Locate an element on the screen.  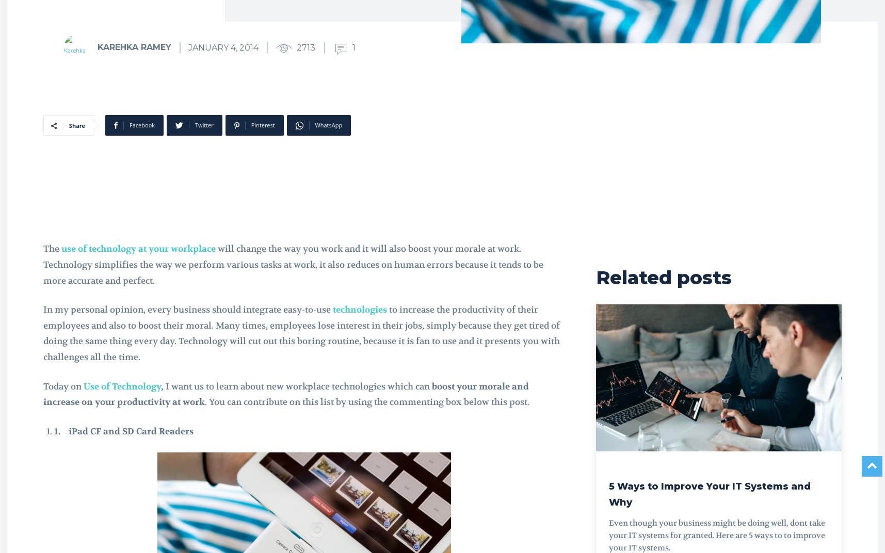
'Karehka Ramey' is located at coordinates (134, 47).